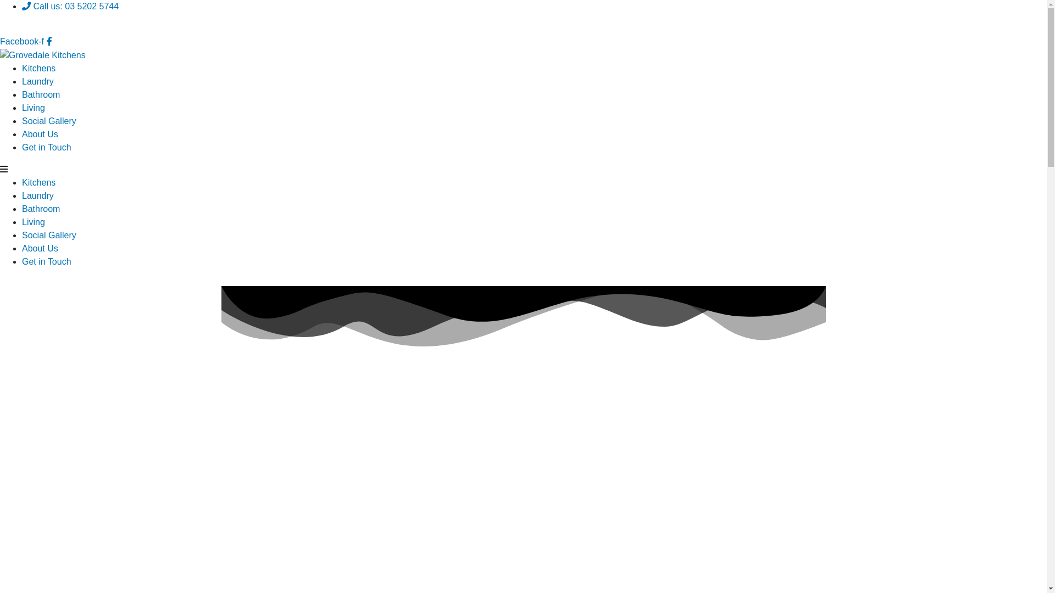 The width and height of the screenshot is (1055, 593). I want to click on 'Social Gallery', so click(48, 121).